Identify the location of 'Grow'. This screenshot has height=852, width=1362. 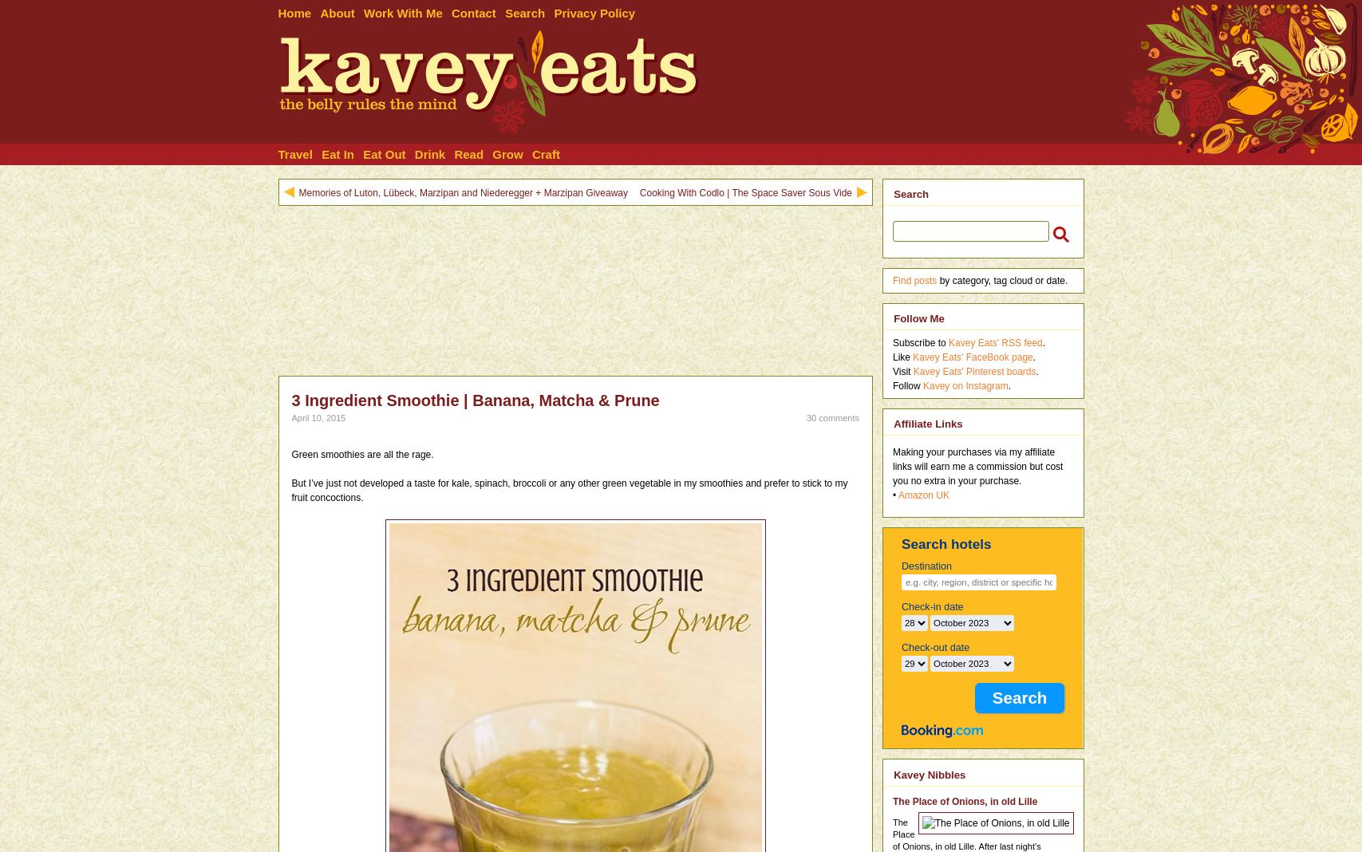
(492, 154).